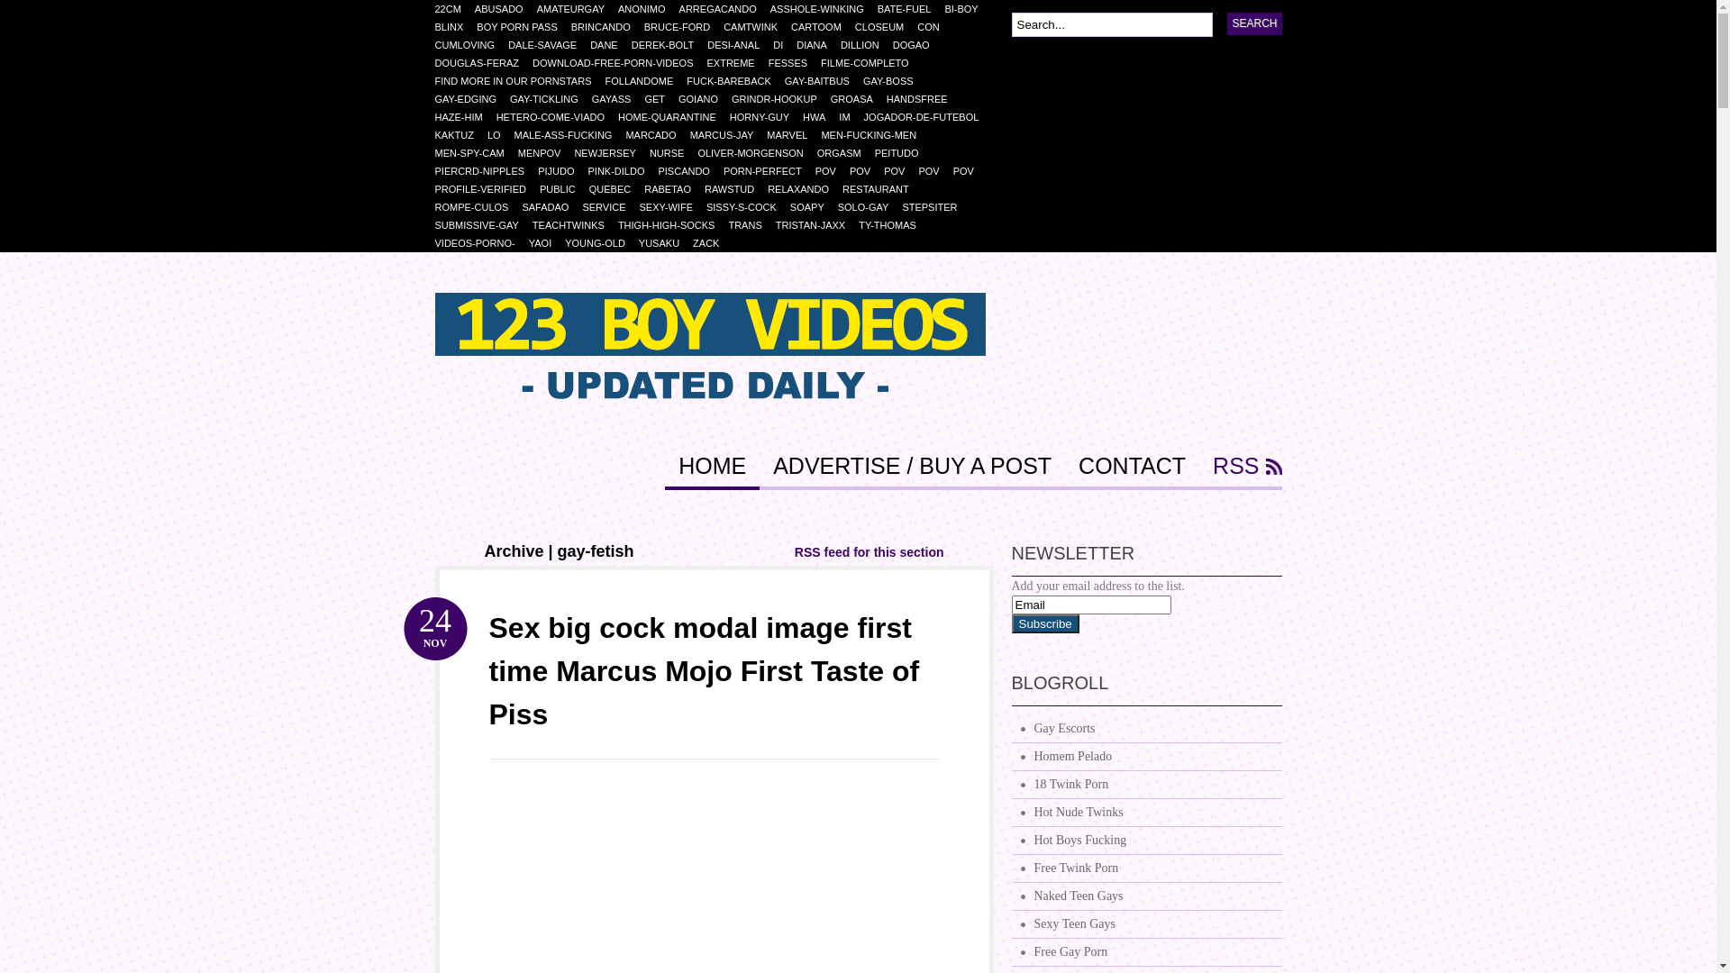  I want to click on 'BOY PORN PASS', so click(522, 27).